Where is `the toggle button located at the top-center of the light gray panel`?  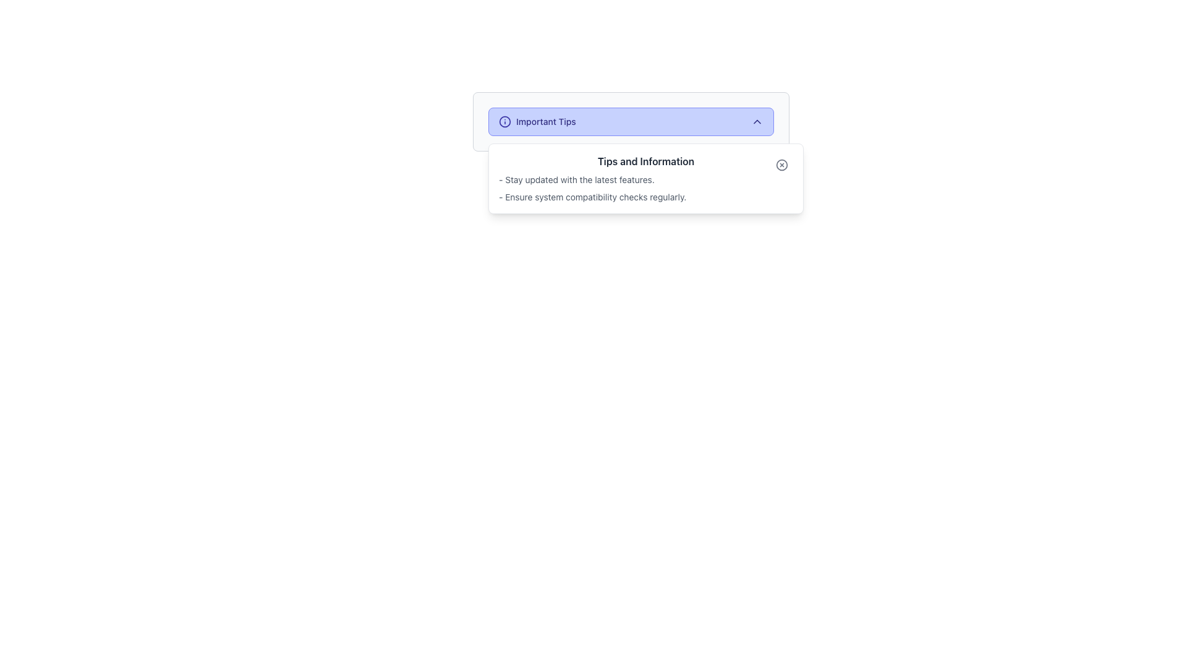
the toggle button located at the top-center of the light gray panel is located at coordinates (631, 121).